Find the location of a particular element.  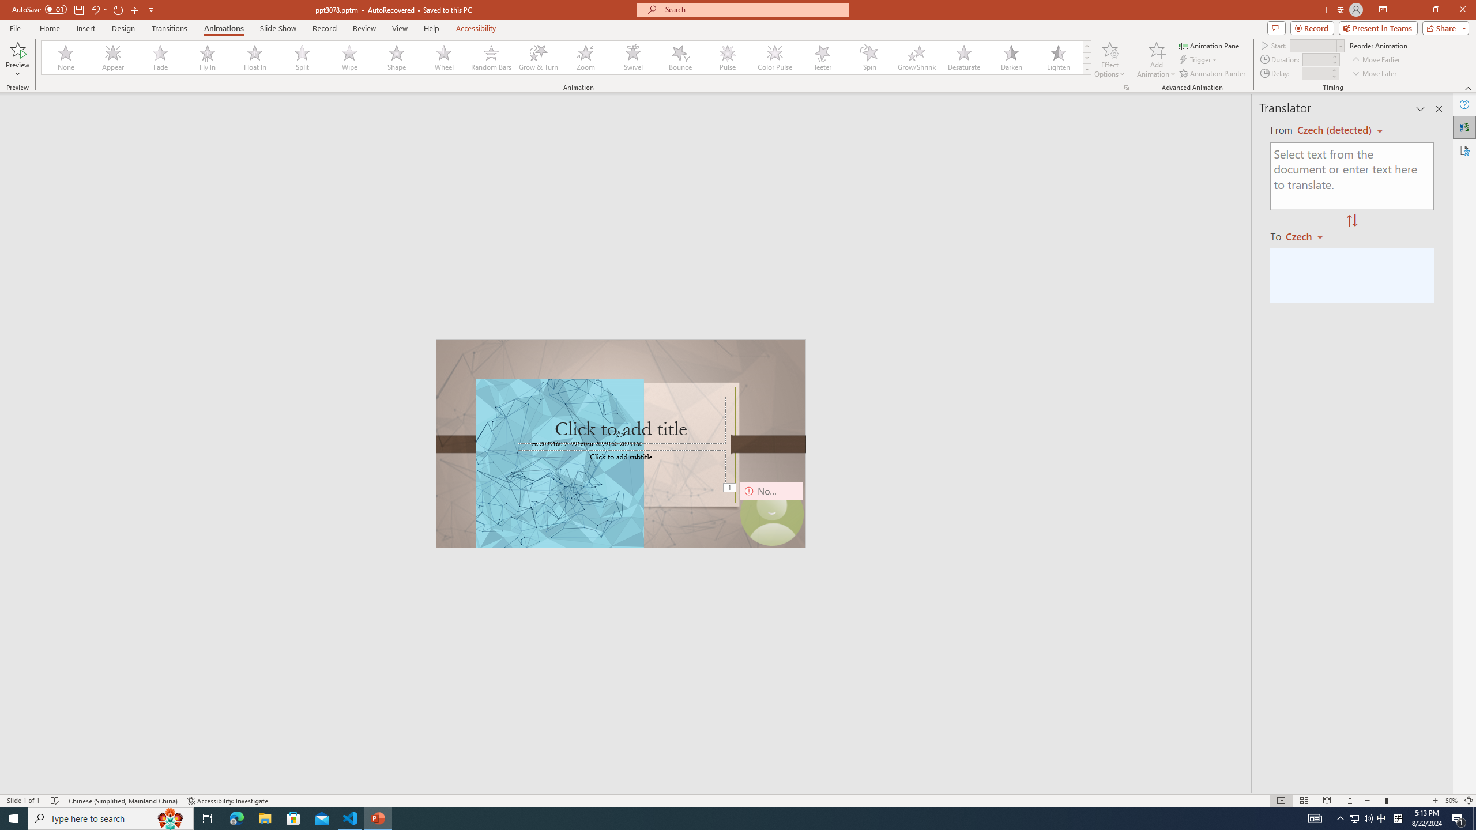

'Fade' is located at coordinates (160, 57).